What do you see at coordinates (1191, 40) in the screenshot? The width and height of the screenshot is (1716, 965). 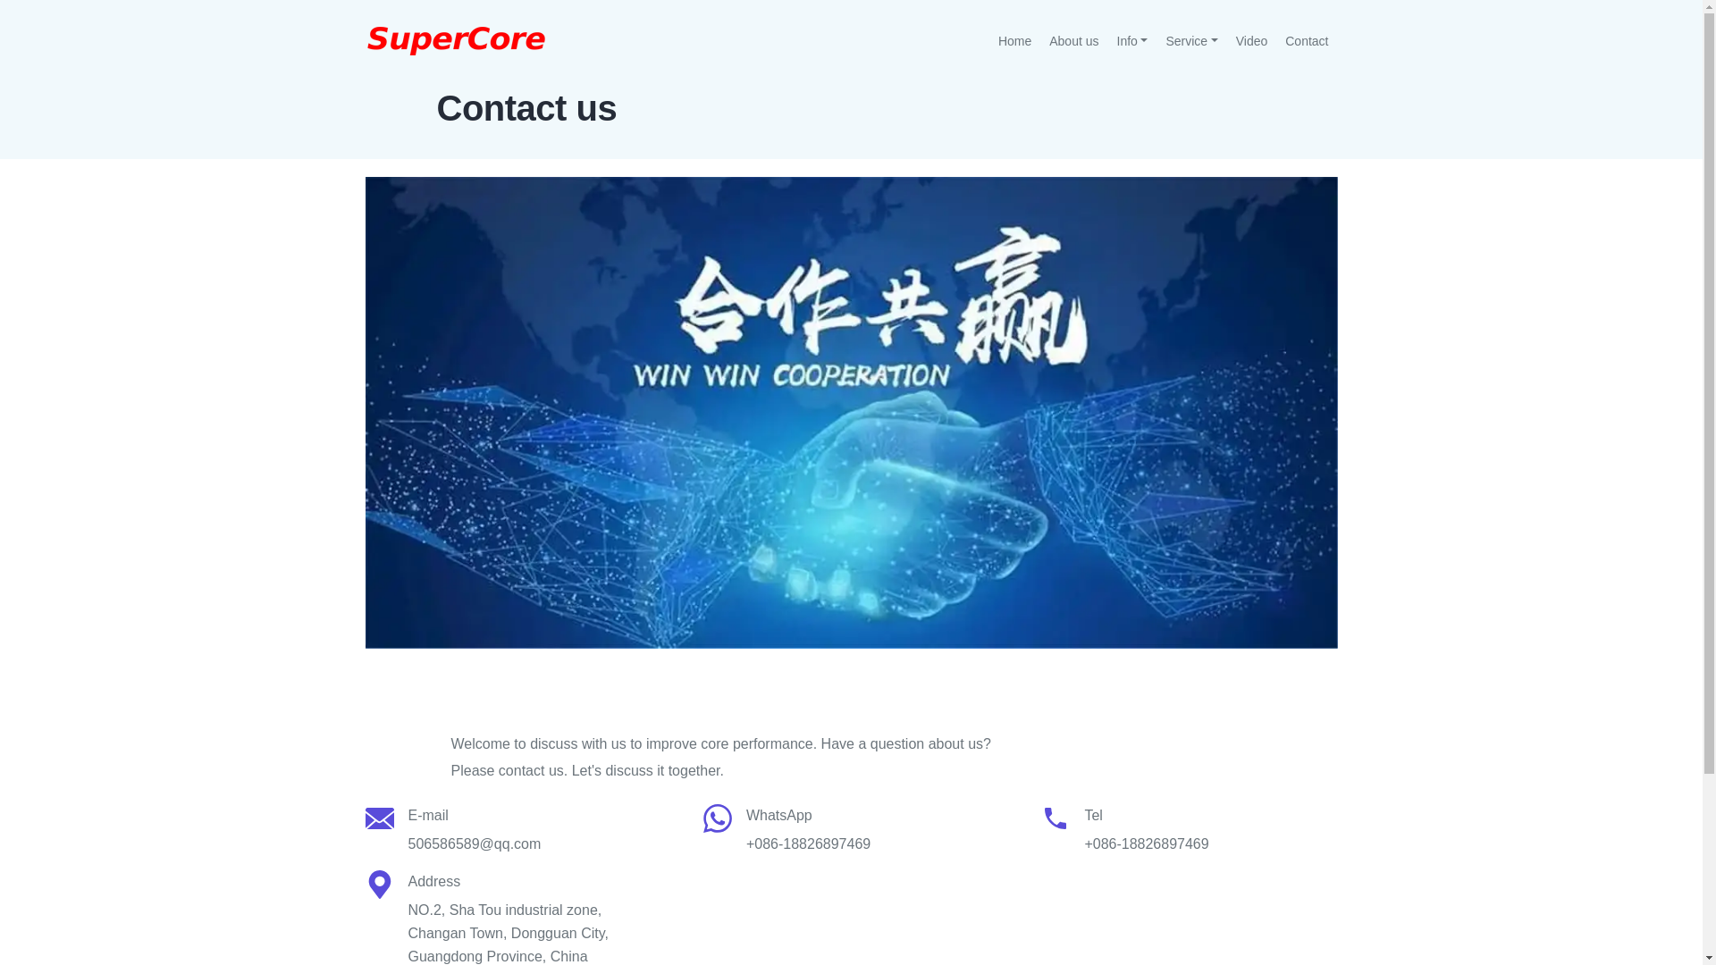 I see `'Service'` at bounding box center [1191, 40].